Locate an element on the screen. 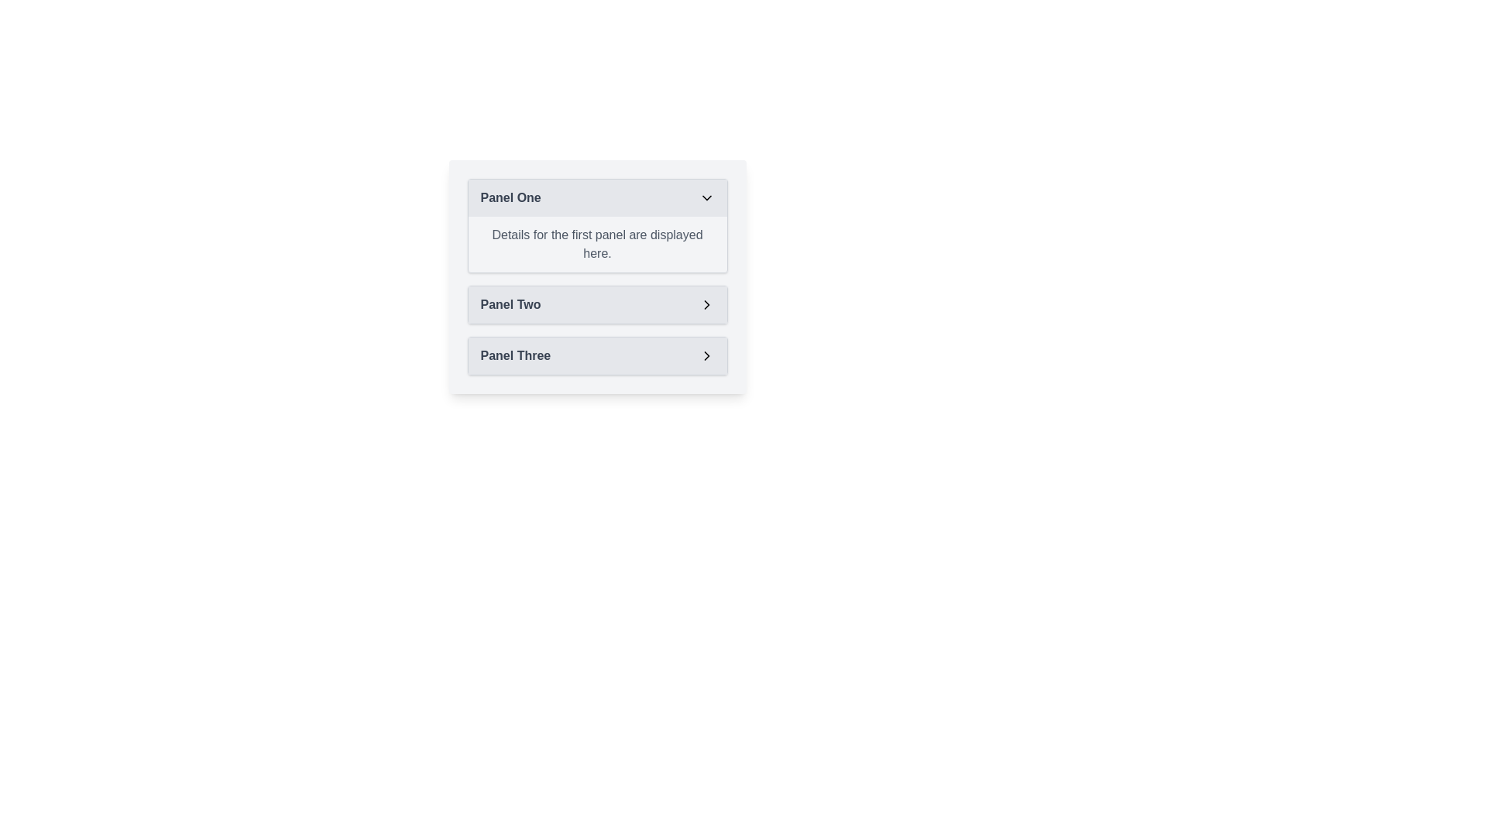  the Text Label that serves as the title indicator for the first panel, which is horizontally aligned towards the left side and vertically centered within the panel is located at coordinates (510, 197).